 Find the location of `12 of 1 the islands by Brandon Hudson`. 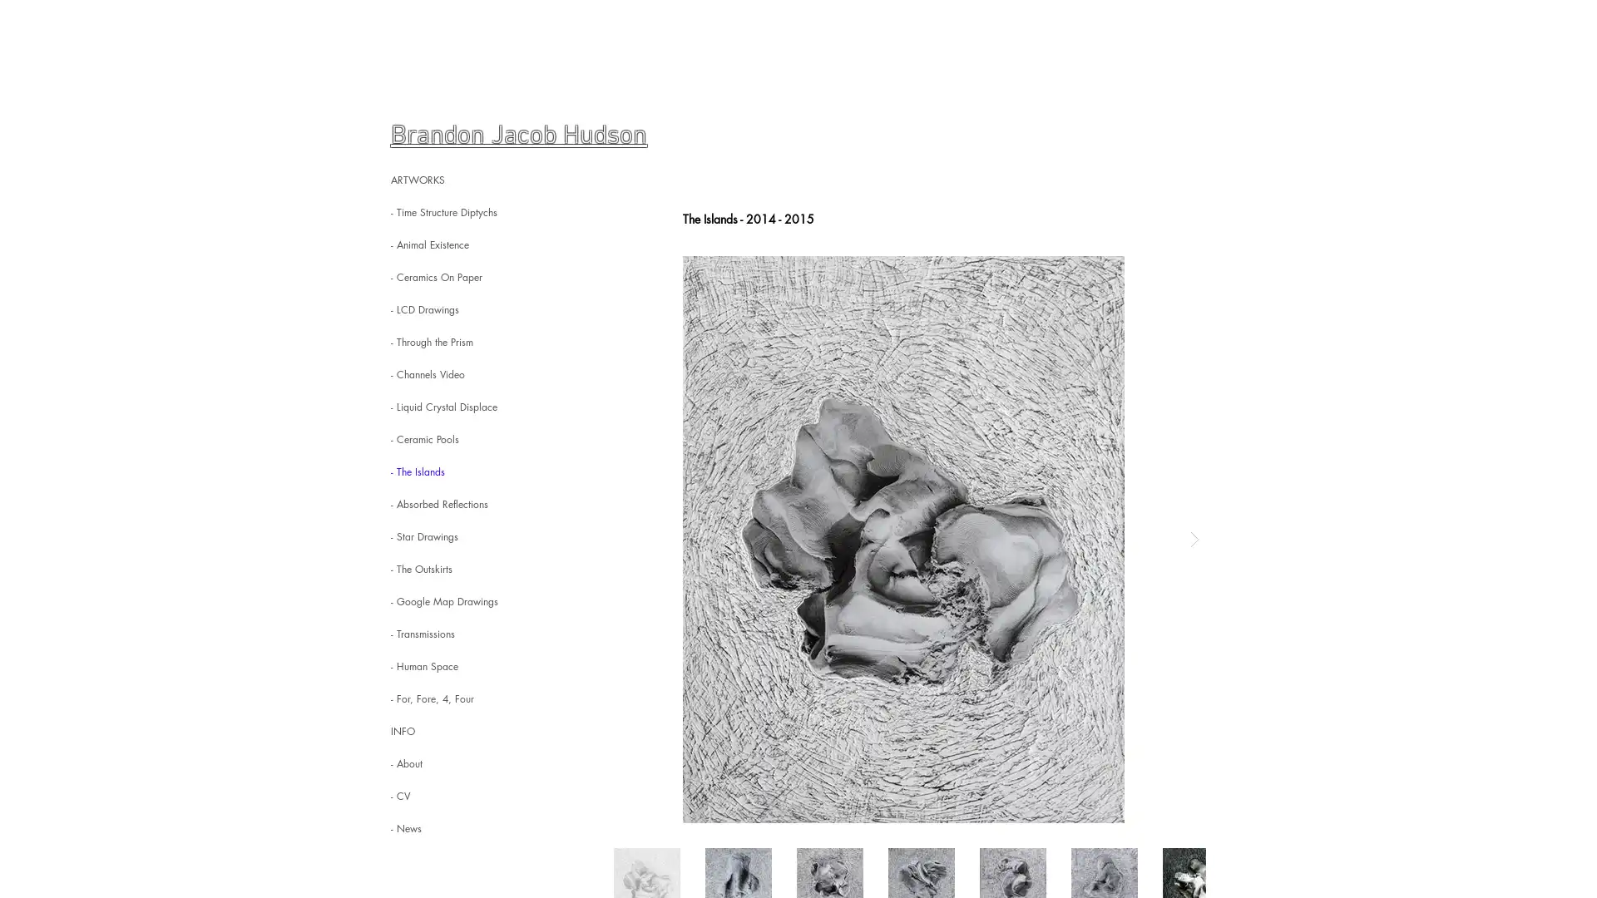

12 of 1 the islands by Brandon Hudson is located at coordinates (902, 539).